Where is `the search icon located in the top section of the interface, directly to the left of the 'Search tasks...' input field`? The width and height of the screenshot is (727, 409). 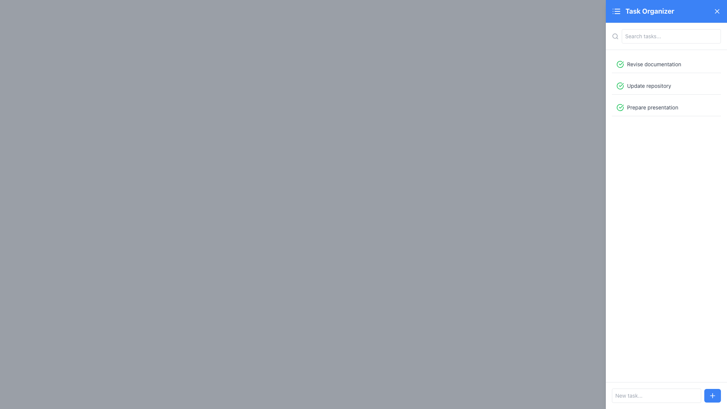
the search icon located in the top section of the interface, directly to the left of the 'Search tasks...' input field is located at coordinates (615, 36).